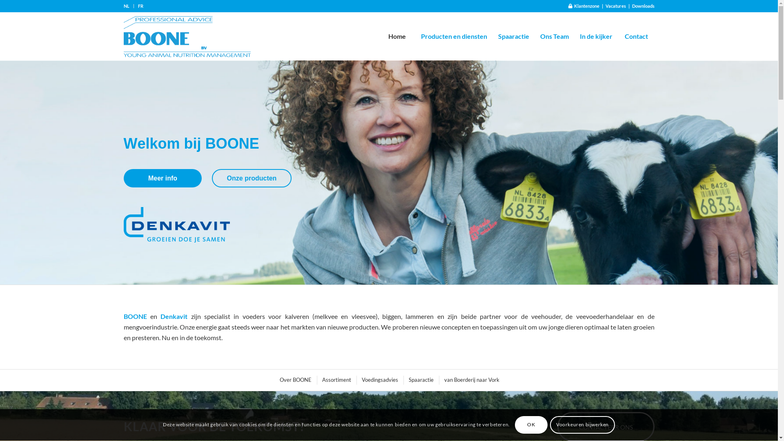 This screenshot has height=441, width=784. I want to click on 'Vacatures', so click(605, 6).